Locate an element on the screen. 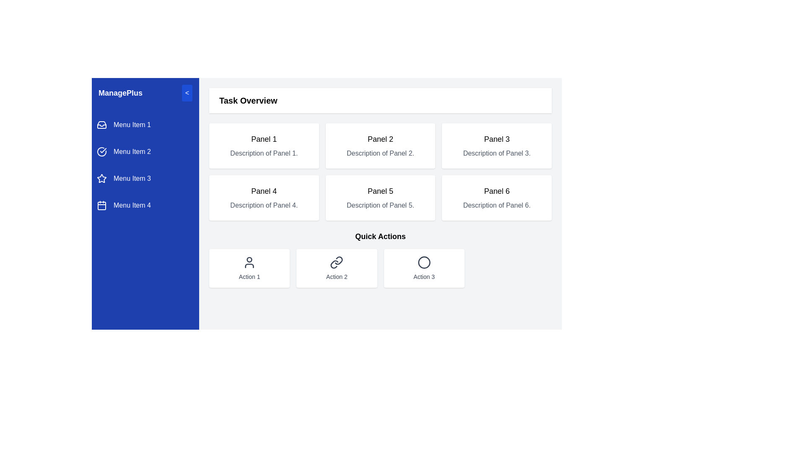 Image resolution: width=805 pixels, height=453 pixels. the surrounding area of the second menu item in the vertical list of the menu bar is located at coordinates (132, 152).